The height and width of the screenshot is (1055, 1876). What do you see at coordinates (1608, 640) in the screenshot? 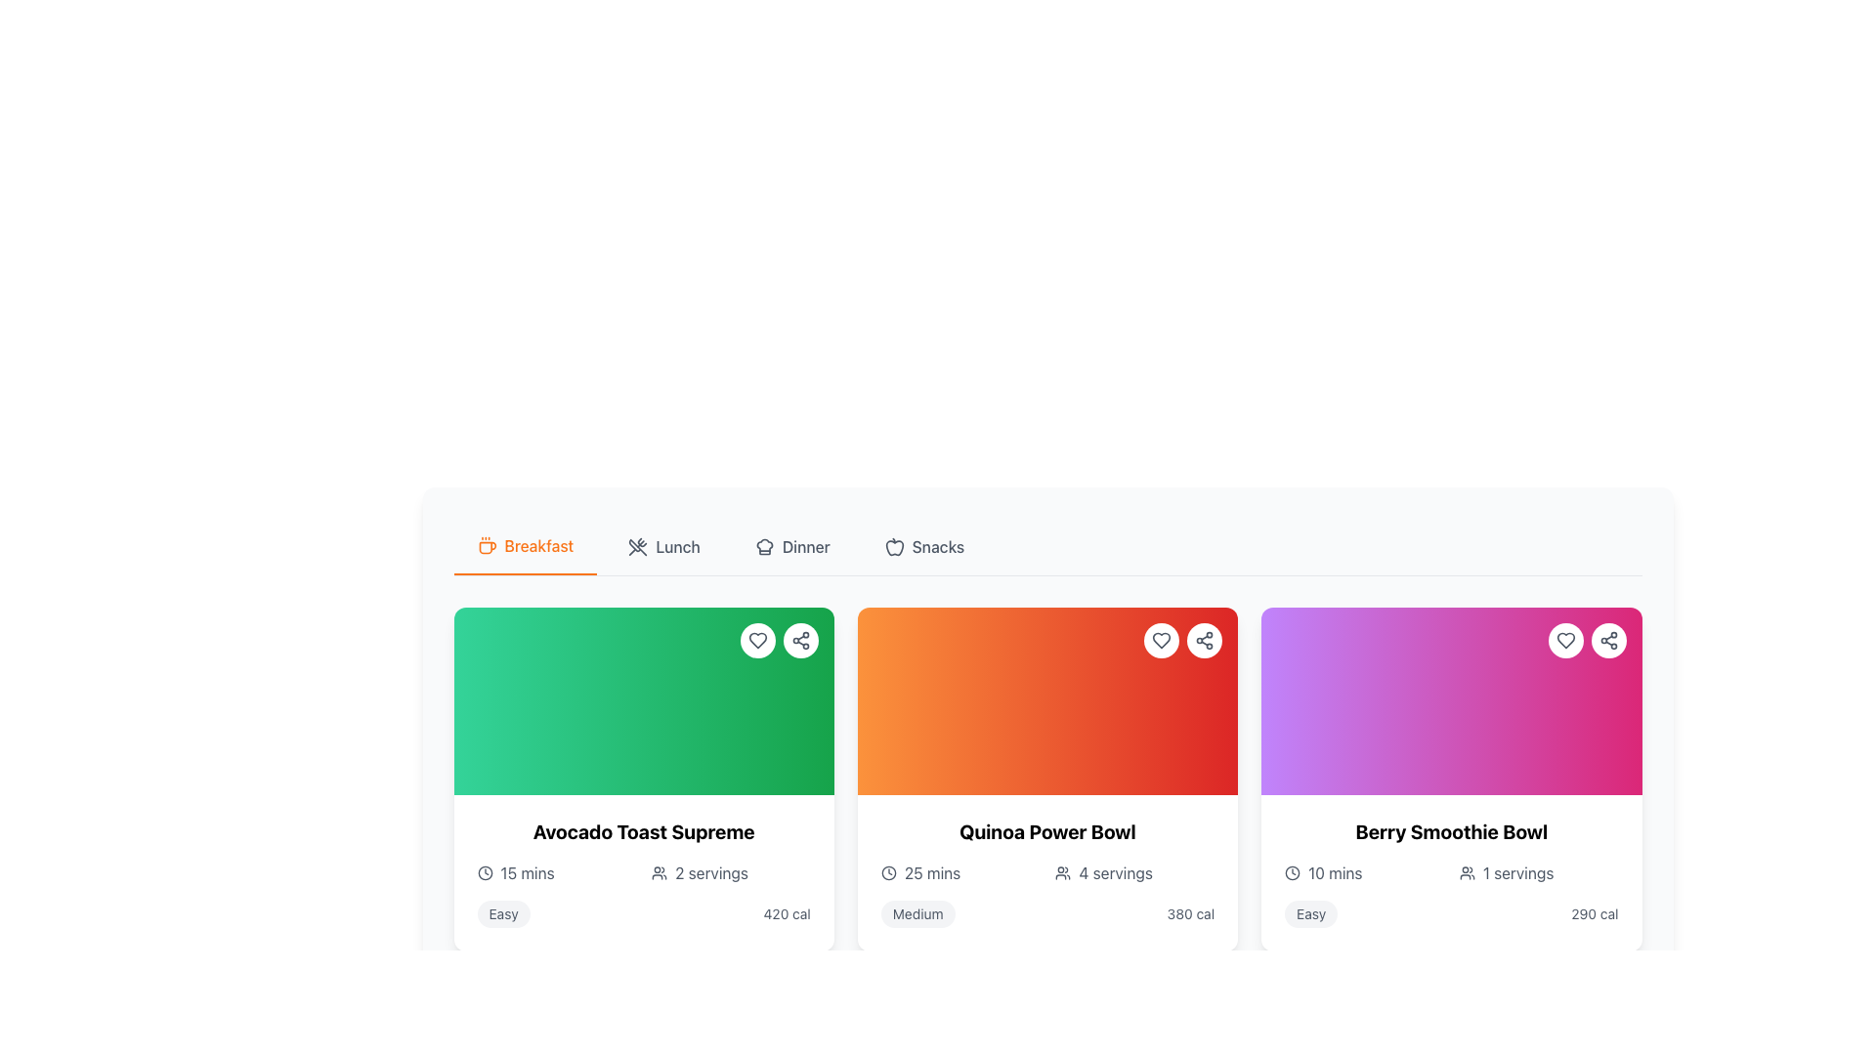
I see `the share icon button located in the top-right corner of the 'Berry Smoothie Bowl' card, next to the heart icon` at bounding box center [1608, 640].